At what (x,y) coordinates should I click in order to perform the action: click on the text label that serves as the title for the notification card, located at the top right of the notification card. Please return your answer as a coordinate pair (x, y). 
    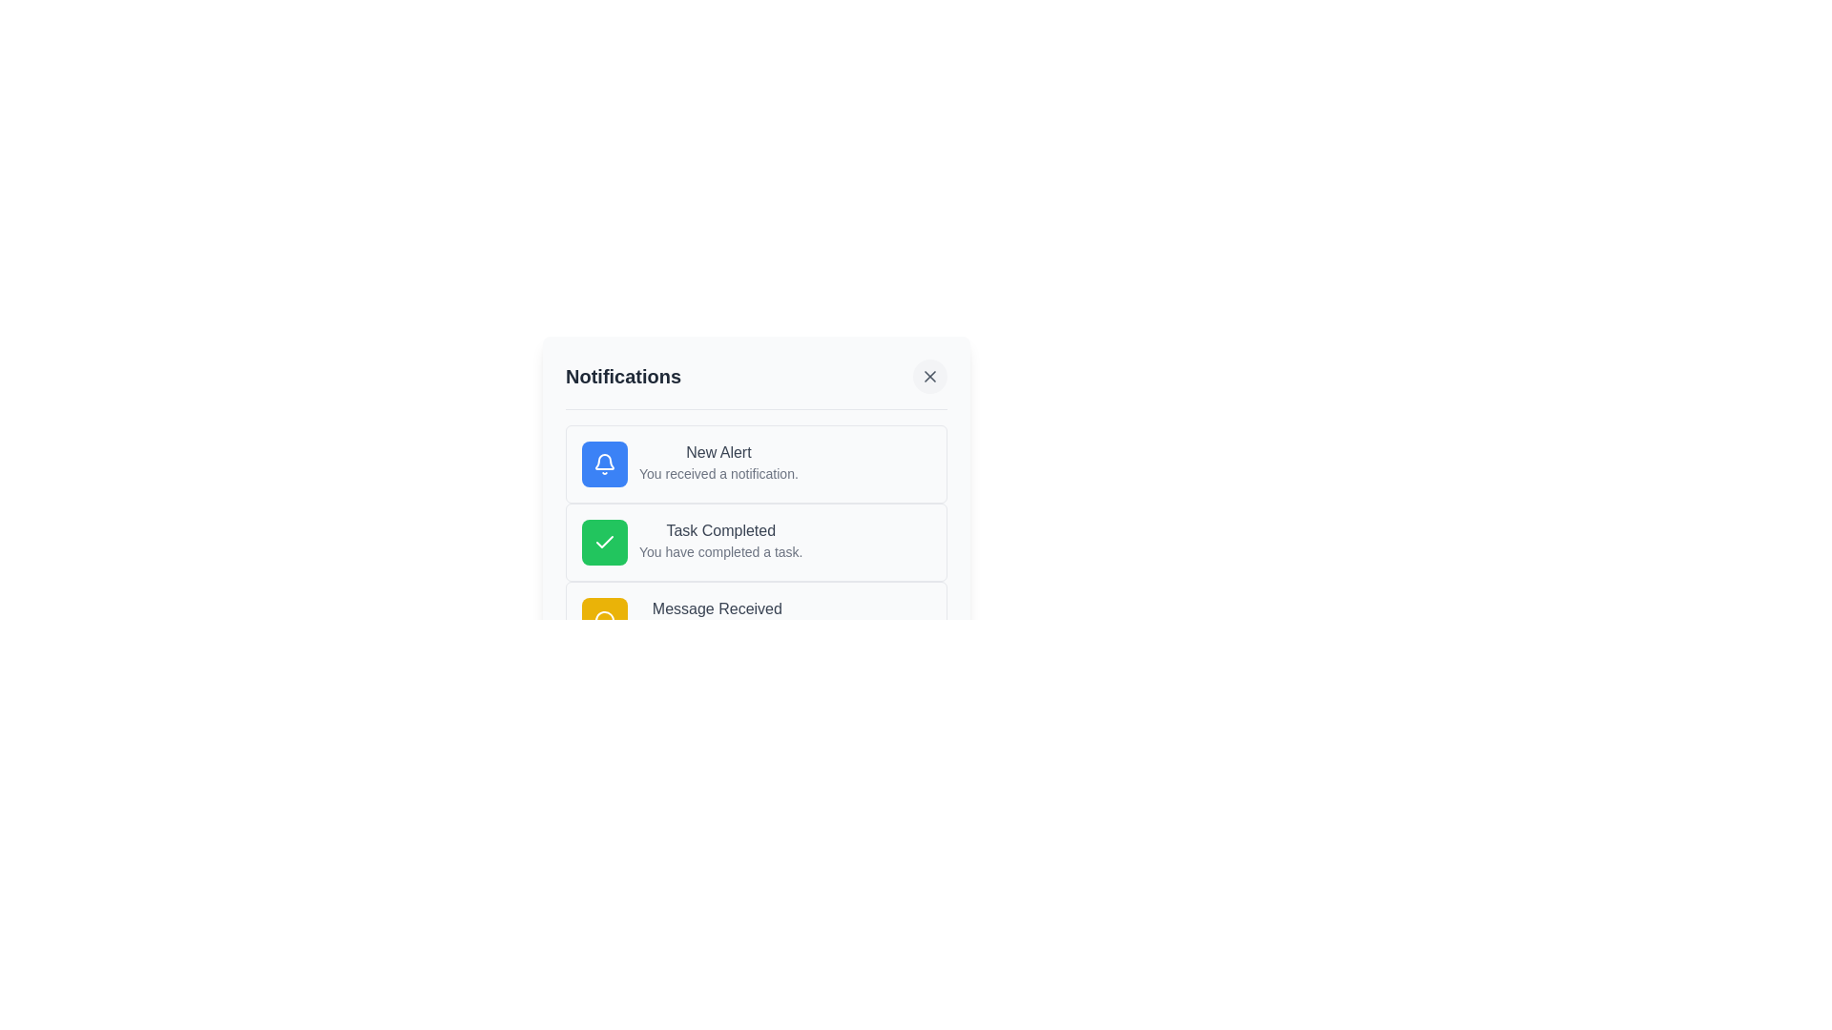
    Looking at the image, I should click on (718, 452).